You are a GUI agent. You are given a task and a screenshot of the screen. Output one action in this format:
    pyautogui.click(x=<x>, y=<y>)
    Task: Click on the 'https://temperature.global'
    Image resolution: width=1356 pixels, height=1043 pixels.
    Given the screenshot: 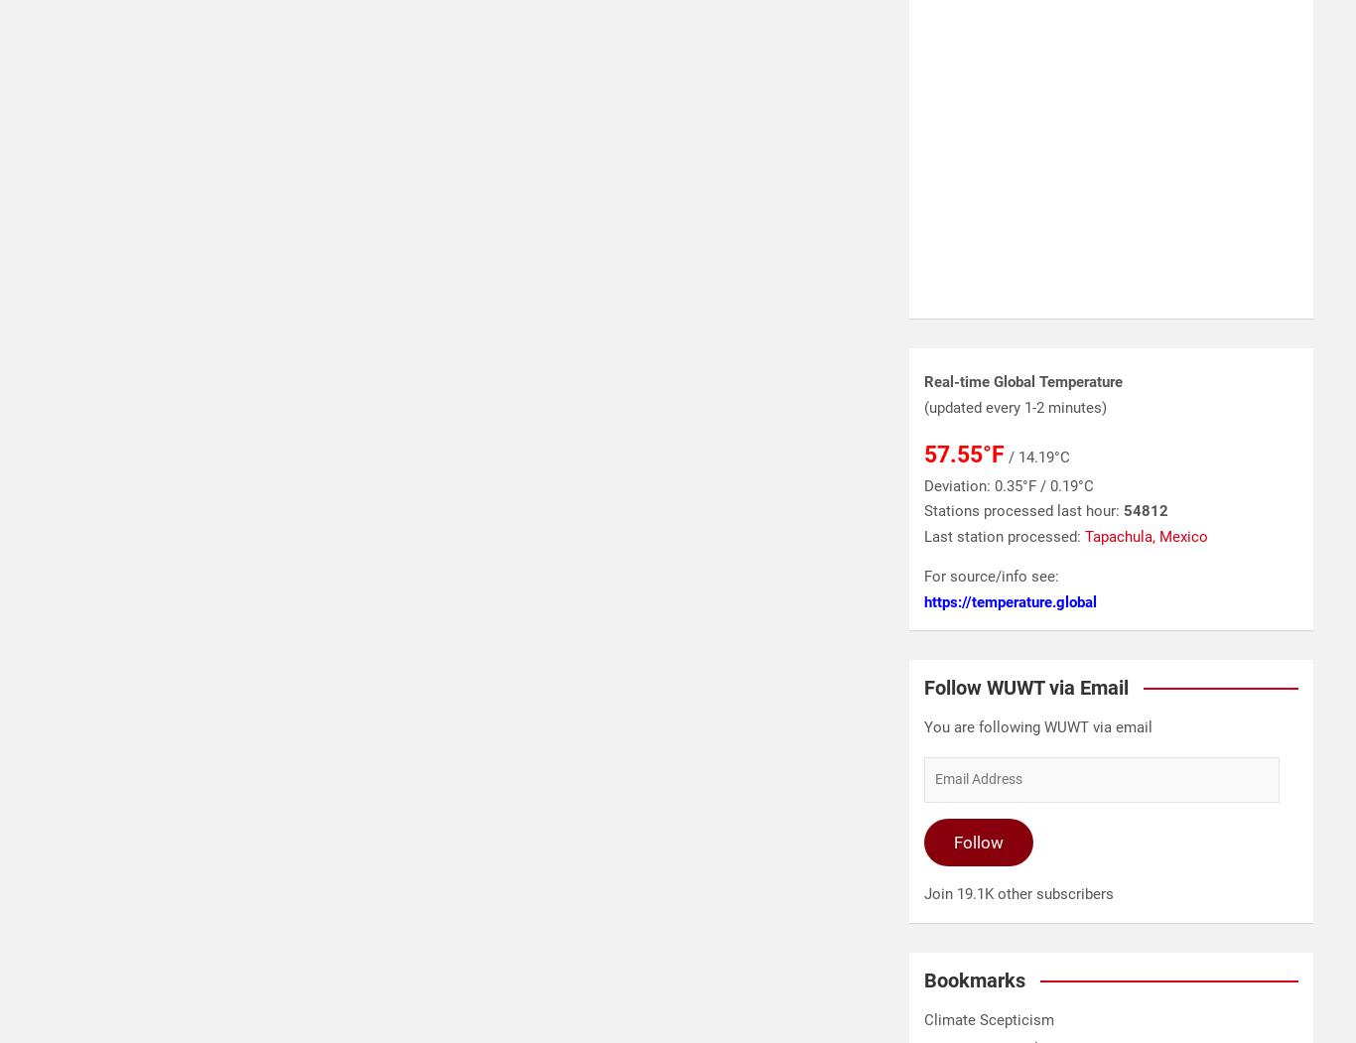 What is the action you would take?
    pyautogui.click(x=1010, y=601)
    